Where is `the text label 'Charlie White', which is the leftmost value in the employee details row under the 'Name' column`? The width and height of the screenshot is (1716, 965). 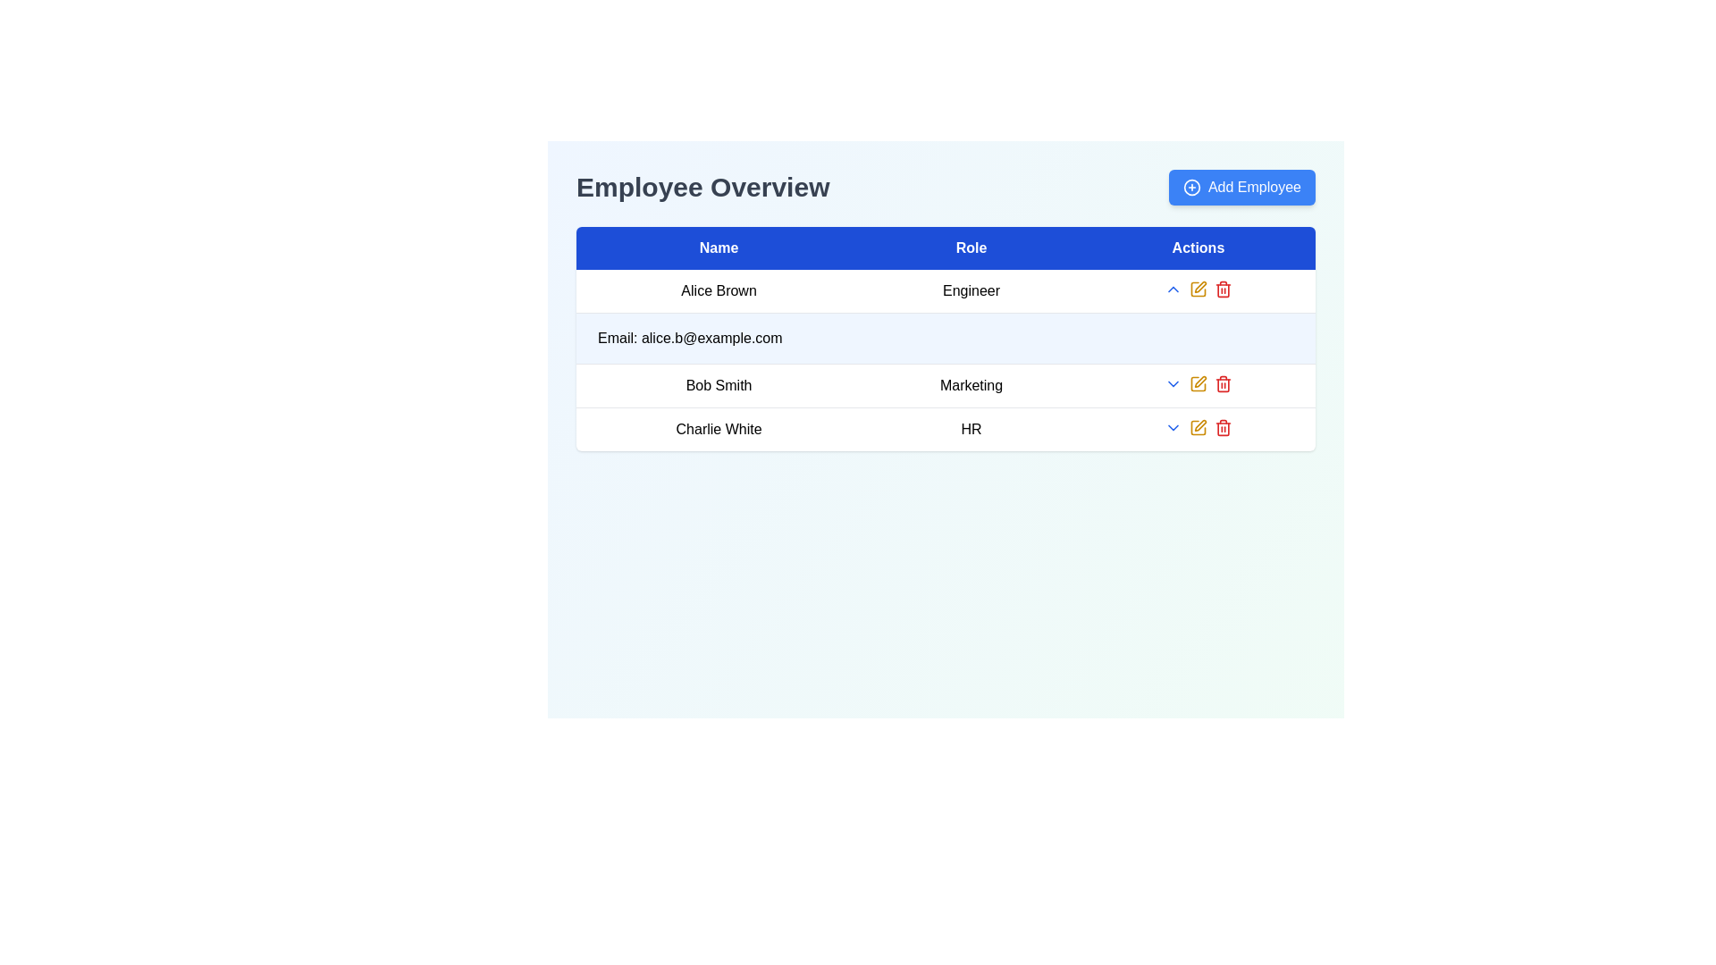
the text label 'Charlie White', which is the leftmost value in the employee details row under the 'Name' column is located at coordinates (719, 429).